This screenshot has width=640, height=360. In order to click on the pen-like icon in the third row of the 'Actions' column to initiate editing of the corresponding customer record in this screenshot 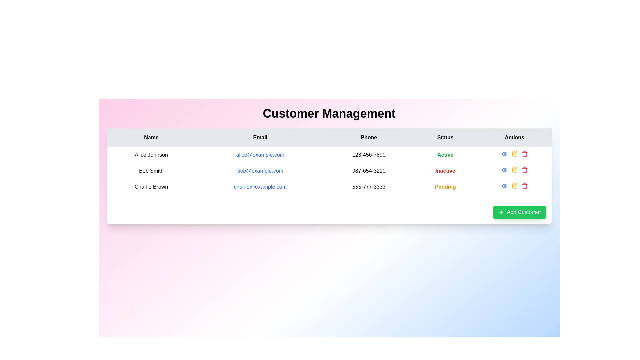, I will do `click(515, 185)`.